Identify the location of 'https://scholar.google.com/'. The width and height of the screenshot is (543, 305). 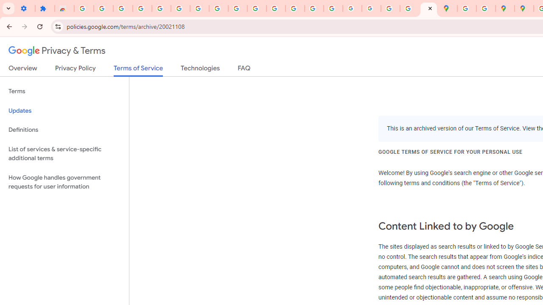
(276, 8).